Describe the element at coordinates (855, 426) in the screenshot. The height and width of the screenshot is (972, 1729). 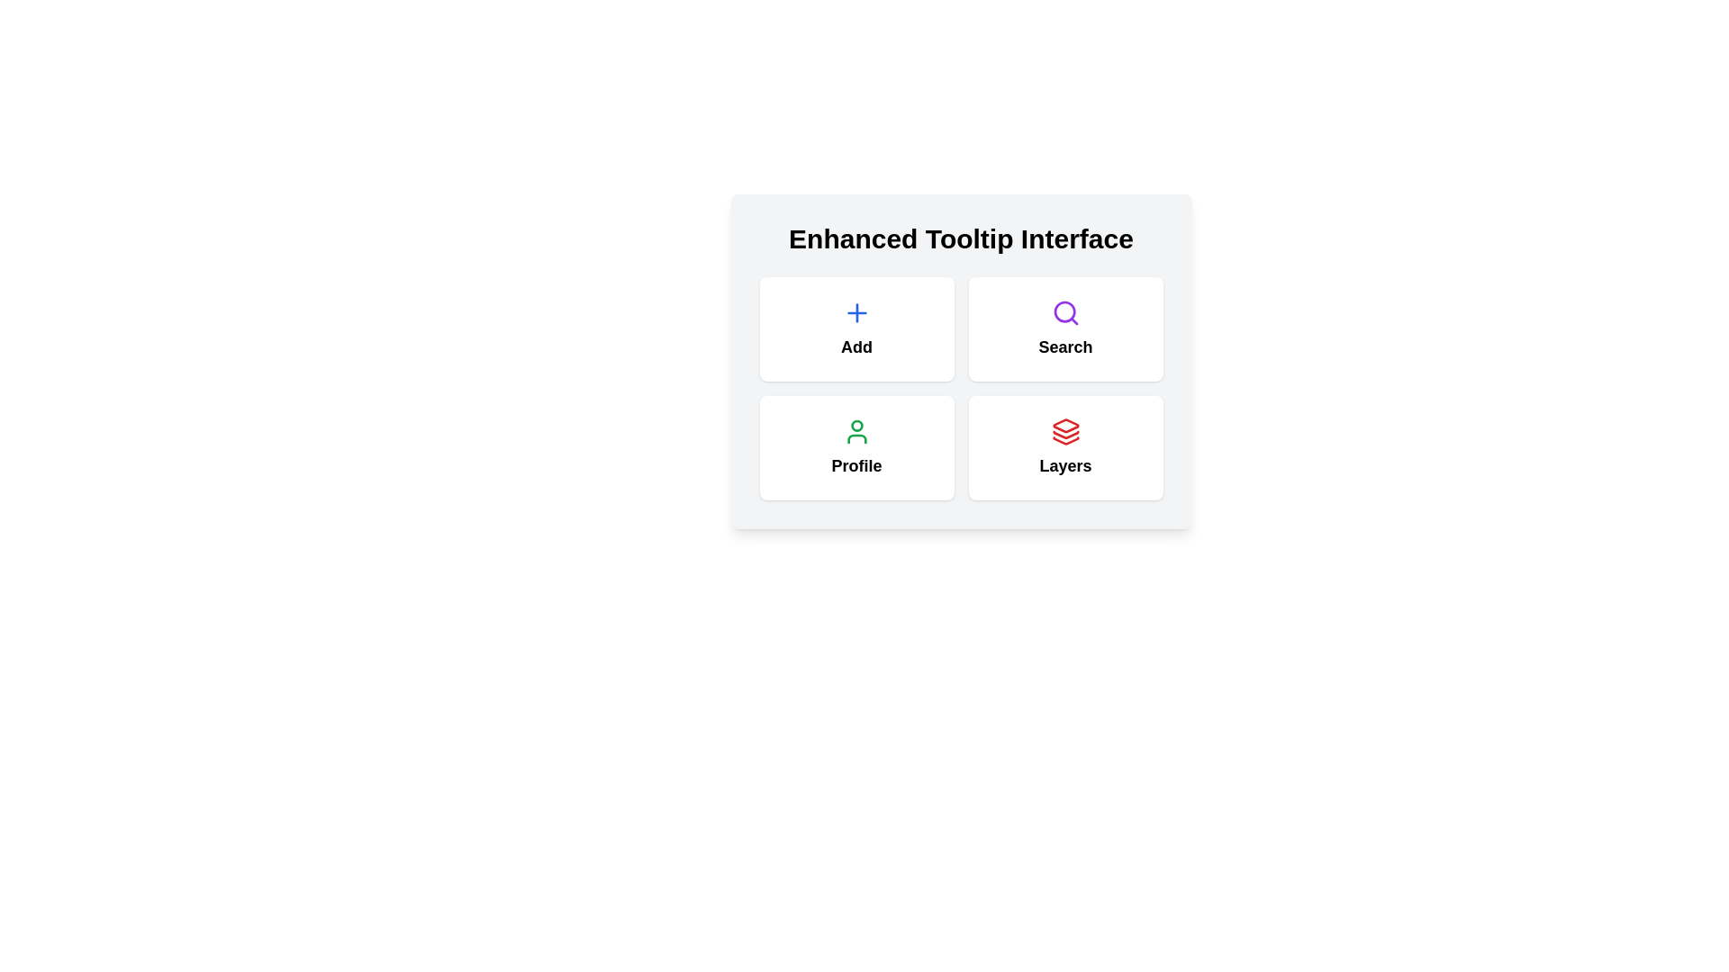
I see `the circular SVG shape representing the user profile icon, which is part of the 'Profile' button located at the lower-left among the grid of four main buttons` at that location.